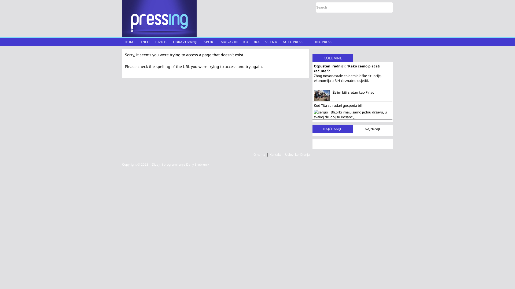 This screenshot has width=515, height=289. What do you see at coordinates (275, 154) in the screenshot?
I see `'Kontakt'` at bounding box center [275, 154].